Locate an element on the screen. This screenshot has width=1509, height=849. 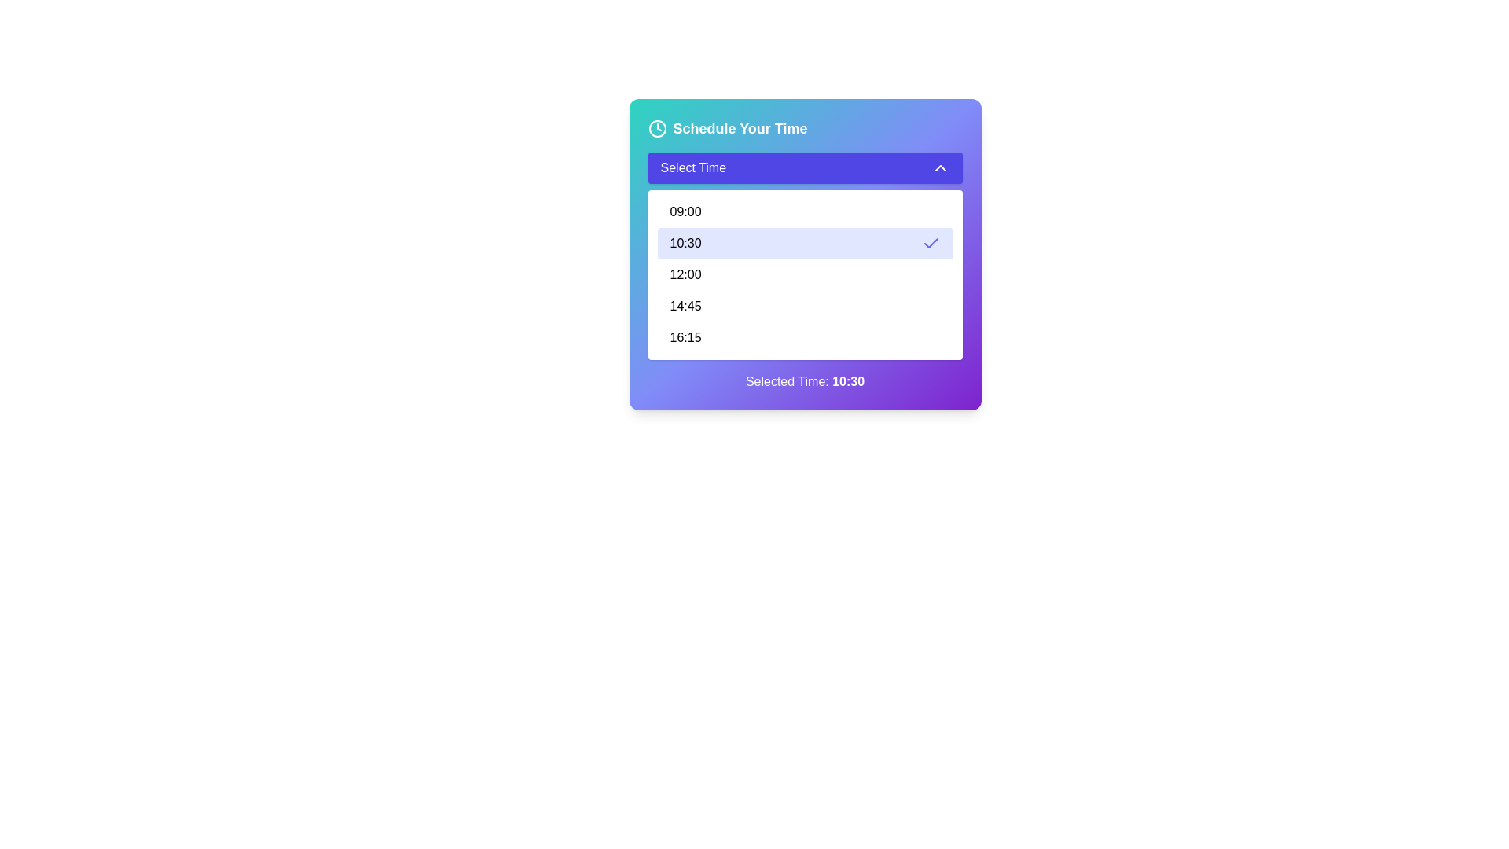
the text label that displays the currently selected time from the dropdown menu, located at the bottom of the vertical layout box is located at coordinates (805, 382).